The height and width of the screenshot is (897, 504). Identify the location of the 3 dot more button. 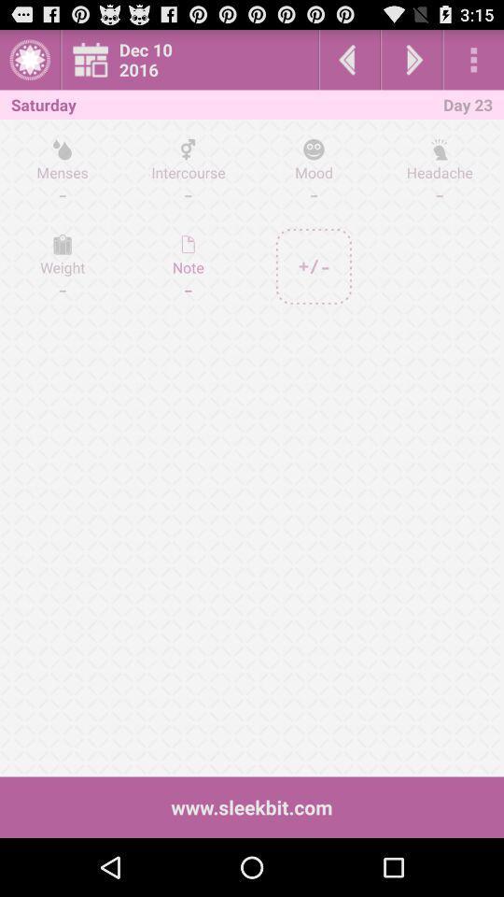
(473, 60).